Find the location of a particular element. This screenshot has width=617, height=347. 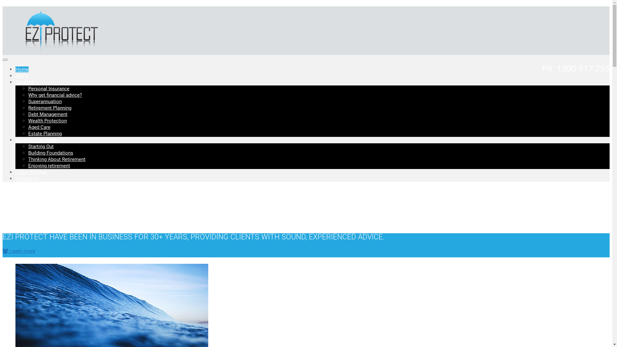

'Retirement Planning' is located at coordinates (28, 107).